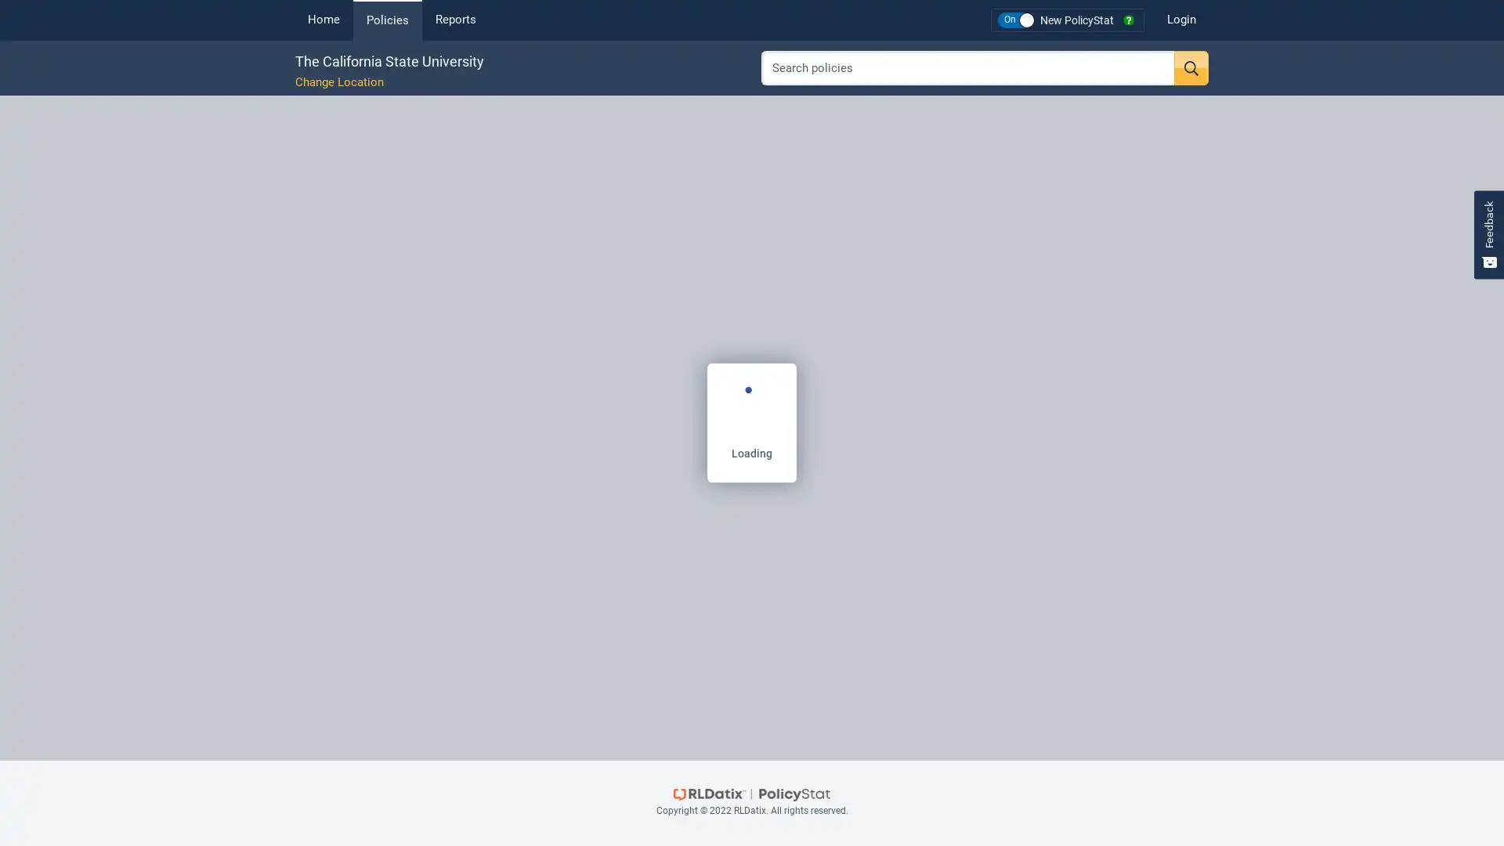  What do you see at coordinates (1191, 67) in the screenshot?
I see `Search button` at bounding box center [1191, 67].